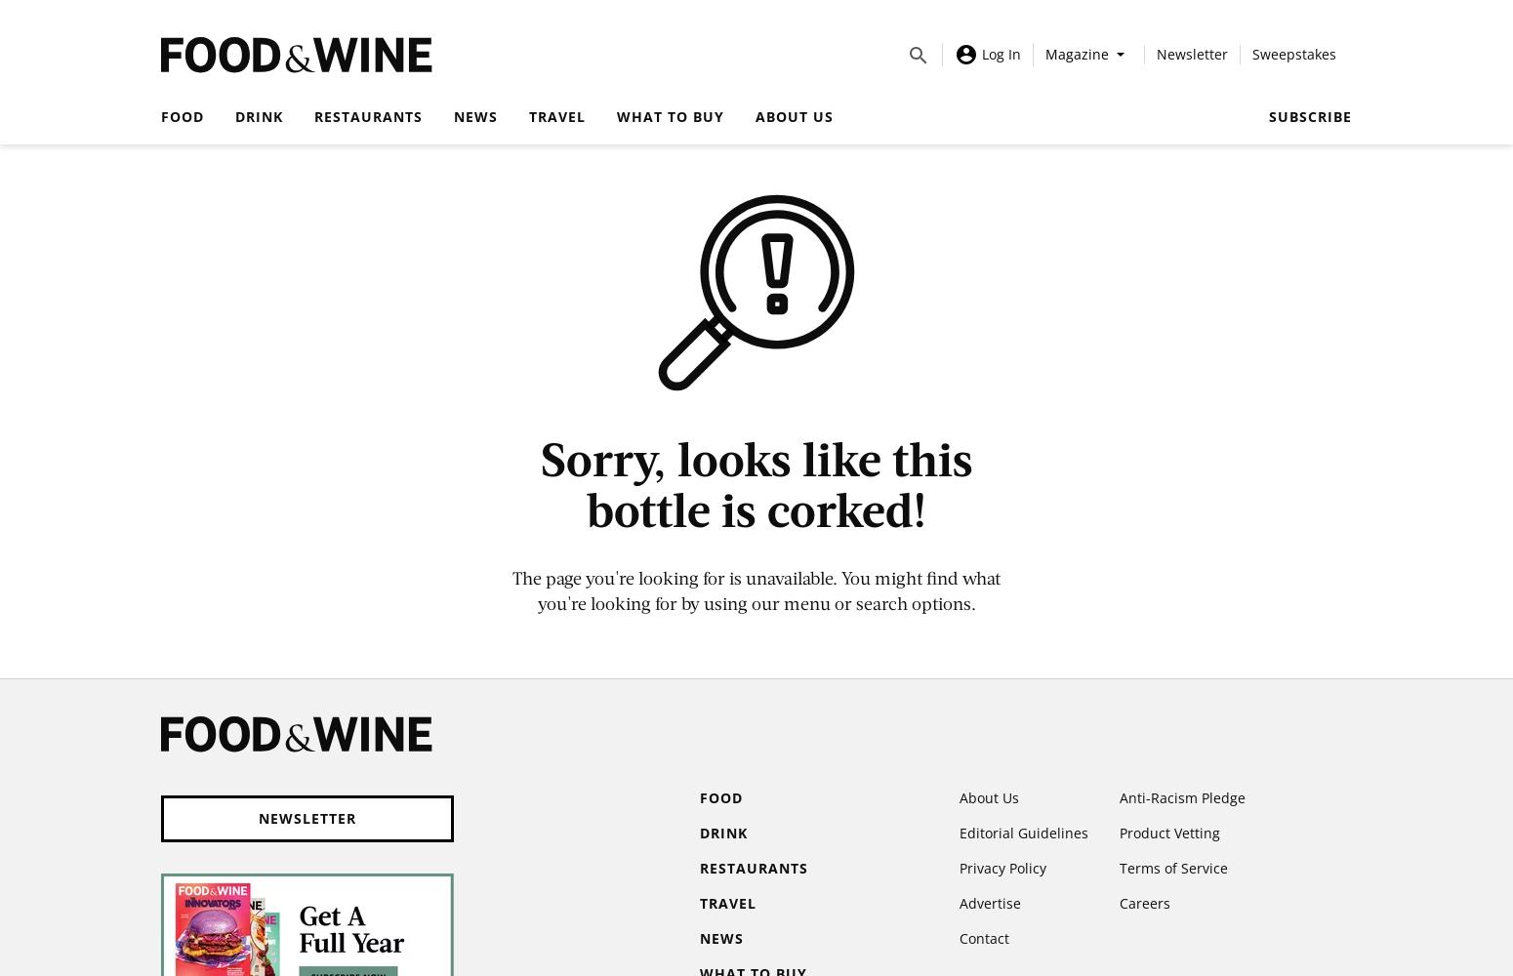 This screenshot has width=1513, height=976. Describe the element at coordinates (1076, 53) in the screenshot. I see `'Magazine'` at that location.